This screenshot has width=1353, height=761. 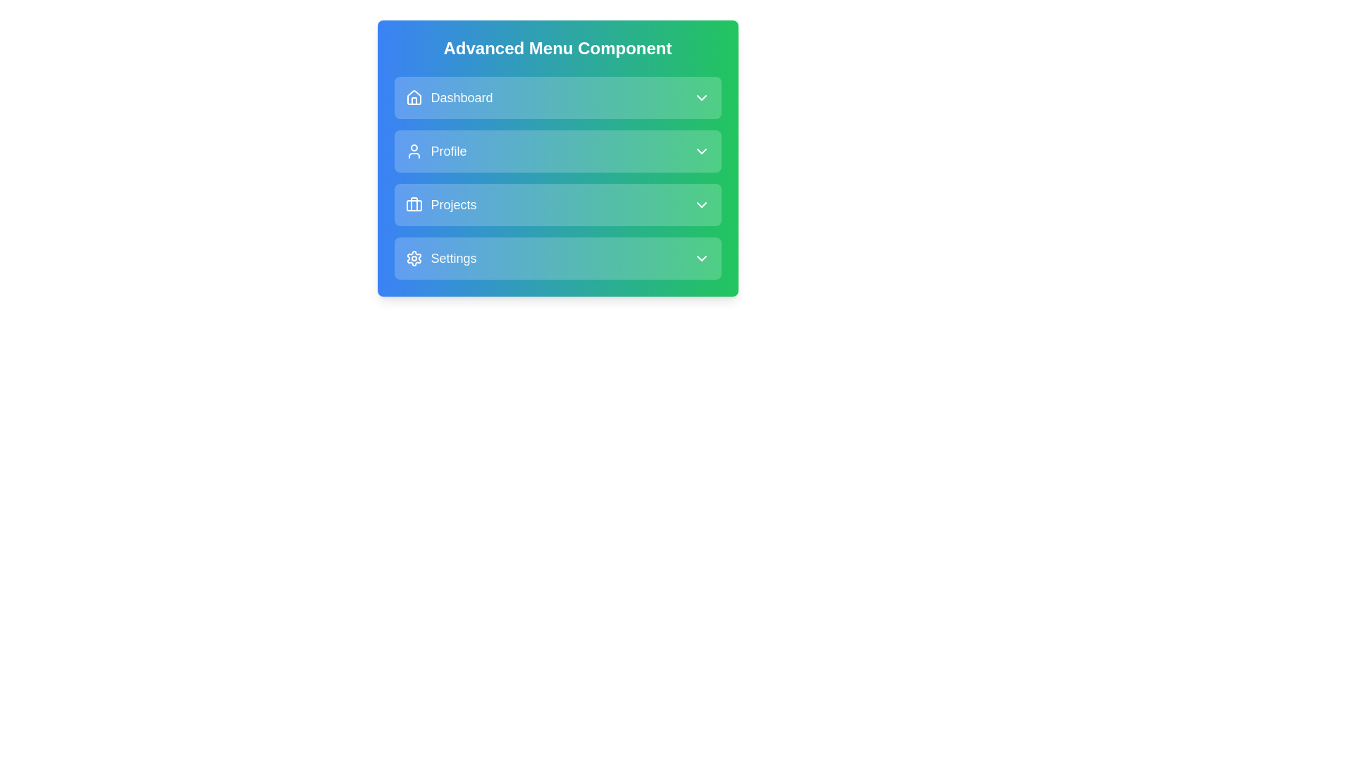 I want to click on the 'Dashboard' icon located on the left side of the navigation menu, which visually represents the home or main page, so click(x=413, y=97).